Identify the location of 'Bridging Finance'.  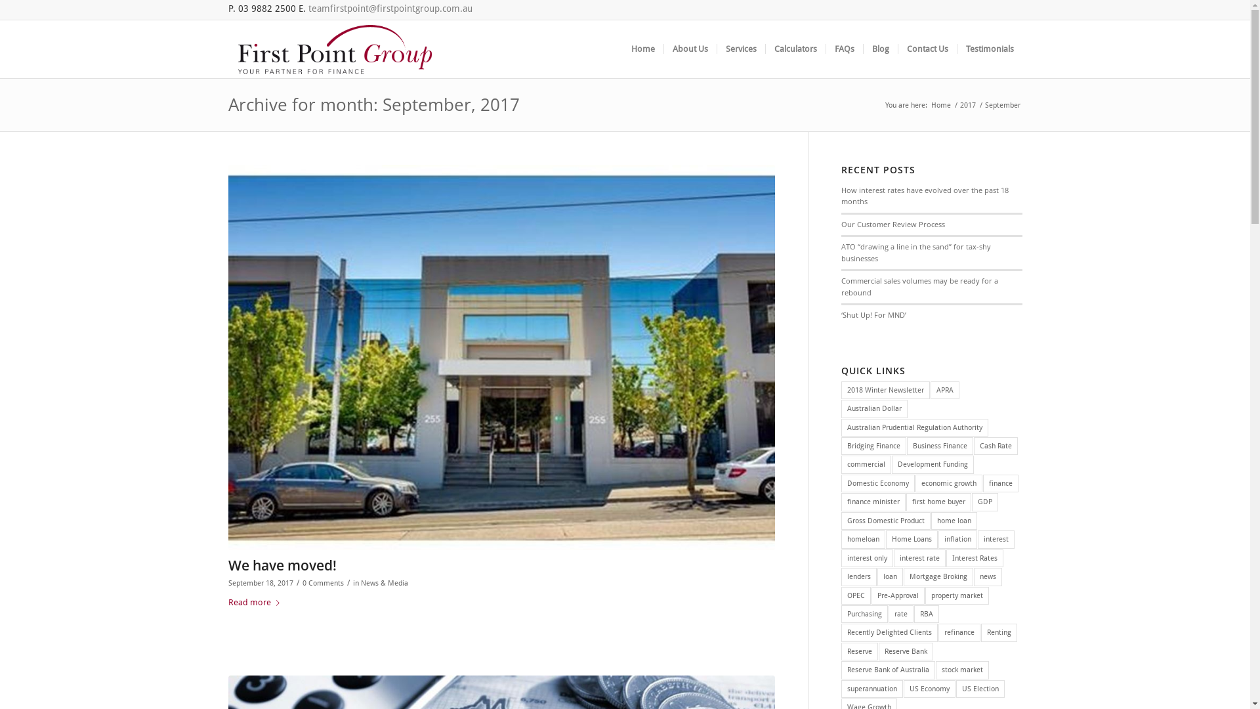
(873, 445).